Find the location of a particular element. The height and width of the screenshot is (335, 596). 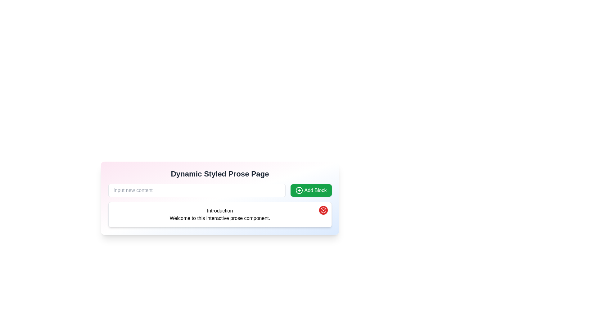

the 'Add Block' button with a green background and rounded corners is located at coordinates (311, 190).